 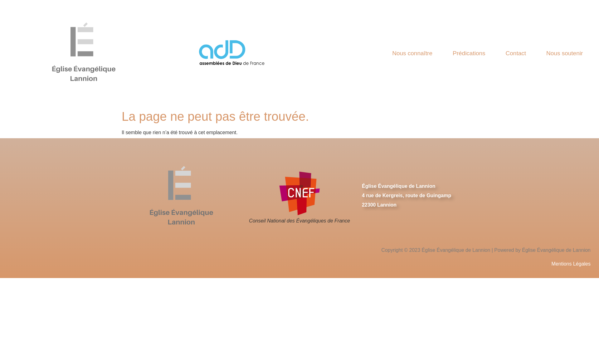 What do you see at coordinates (564, 52) in the screenshot?
I see `'Nous soutenir'` at bounding box center [564, 52].